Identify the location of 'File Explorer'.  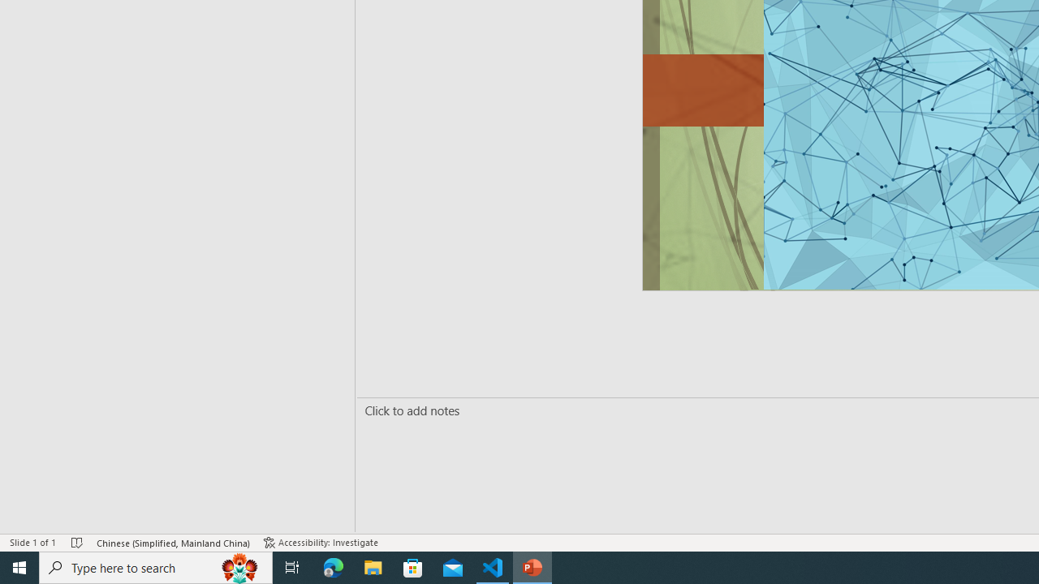
(373, 566).